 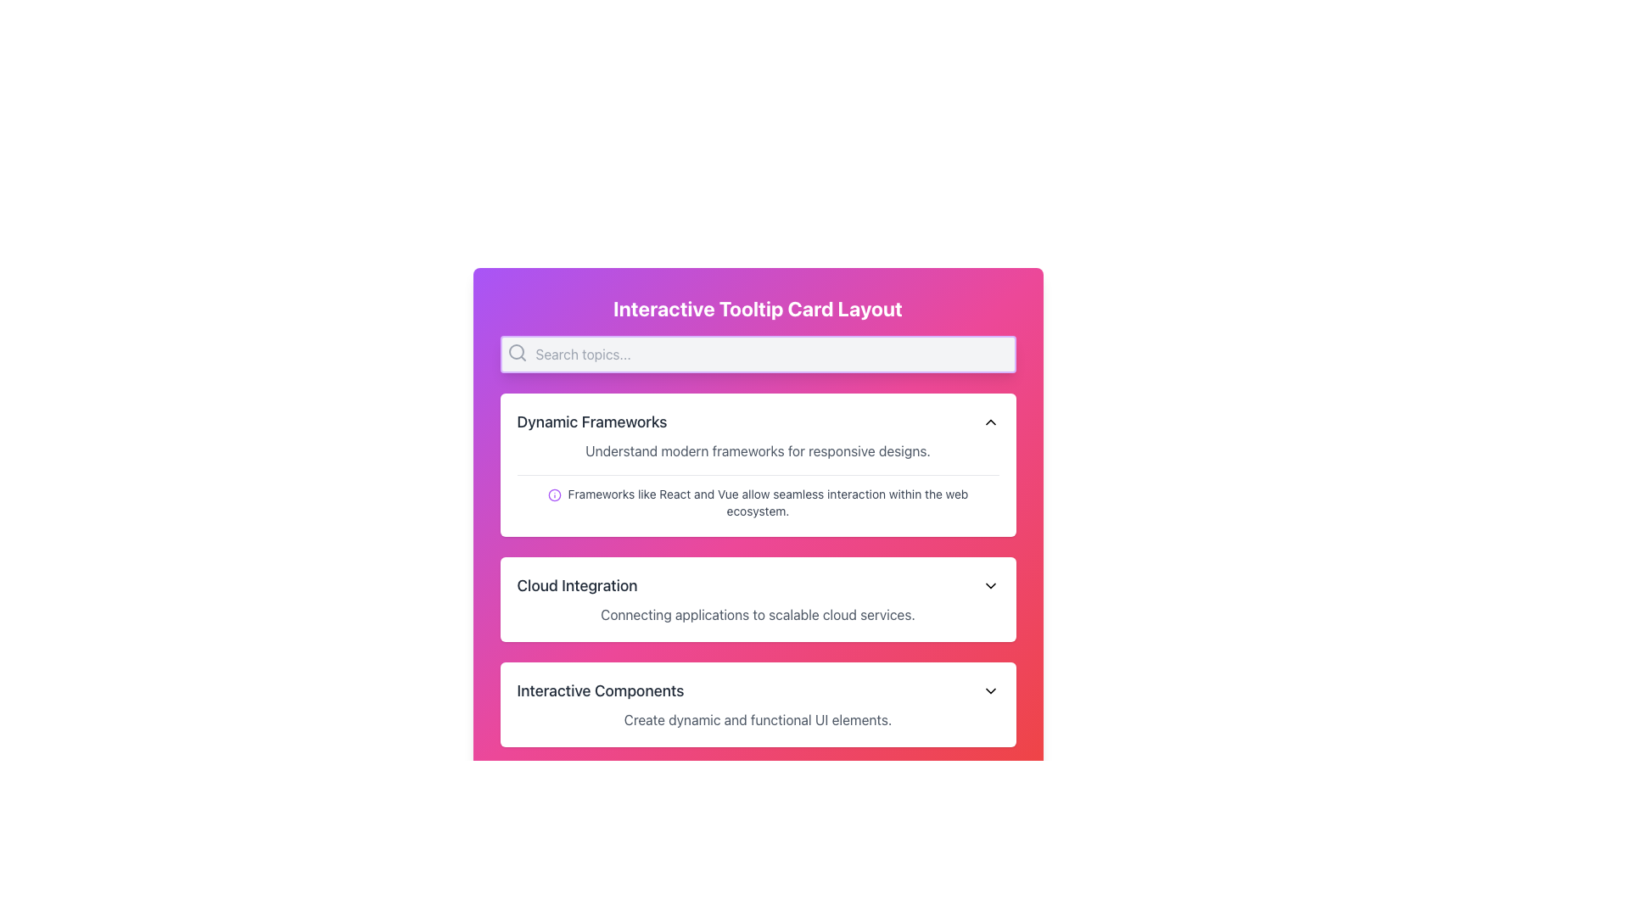 I want to click on the search icon, which is a gray magnifying glass located at the left end of a rectangular input field with placeholder text 'Search topics...', so click(x=516, y=352).